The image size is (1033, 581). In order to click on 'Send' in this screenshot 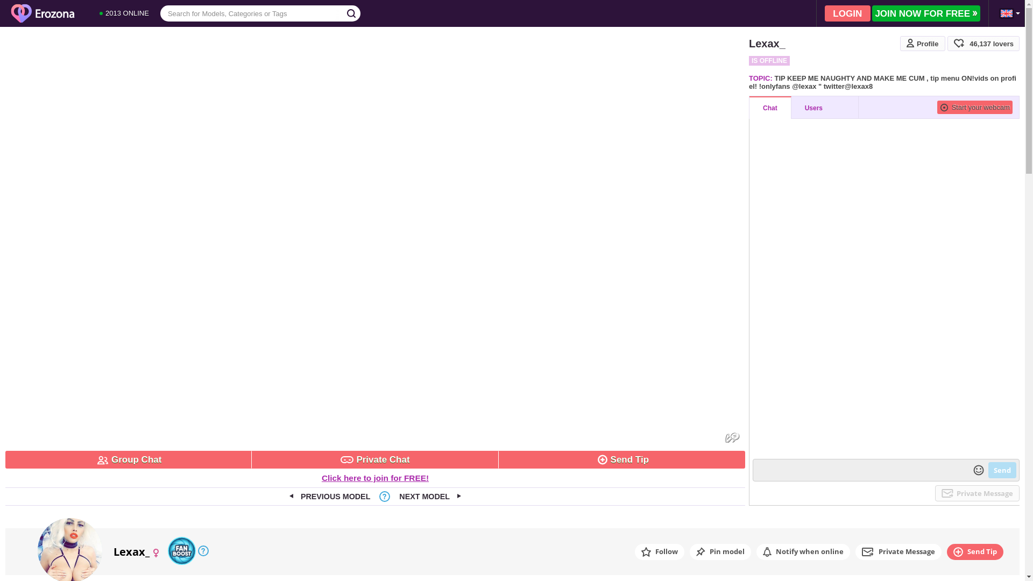, I will do `click(988, 470)`.